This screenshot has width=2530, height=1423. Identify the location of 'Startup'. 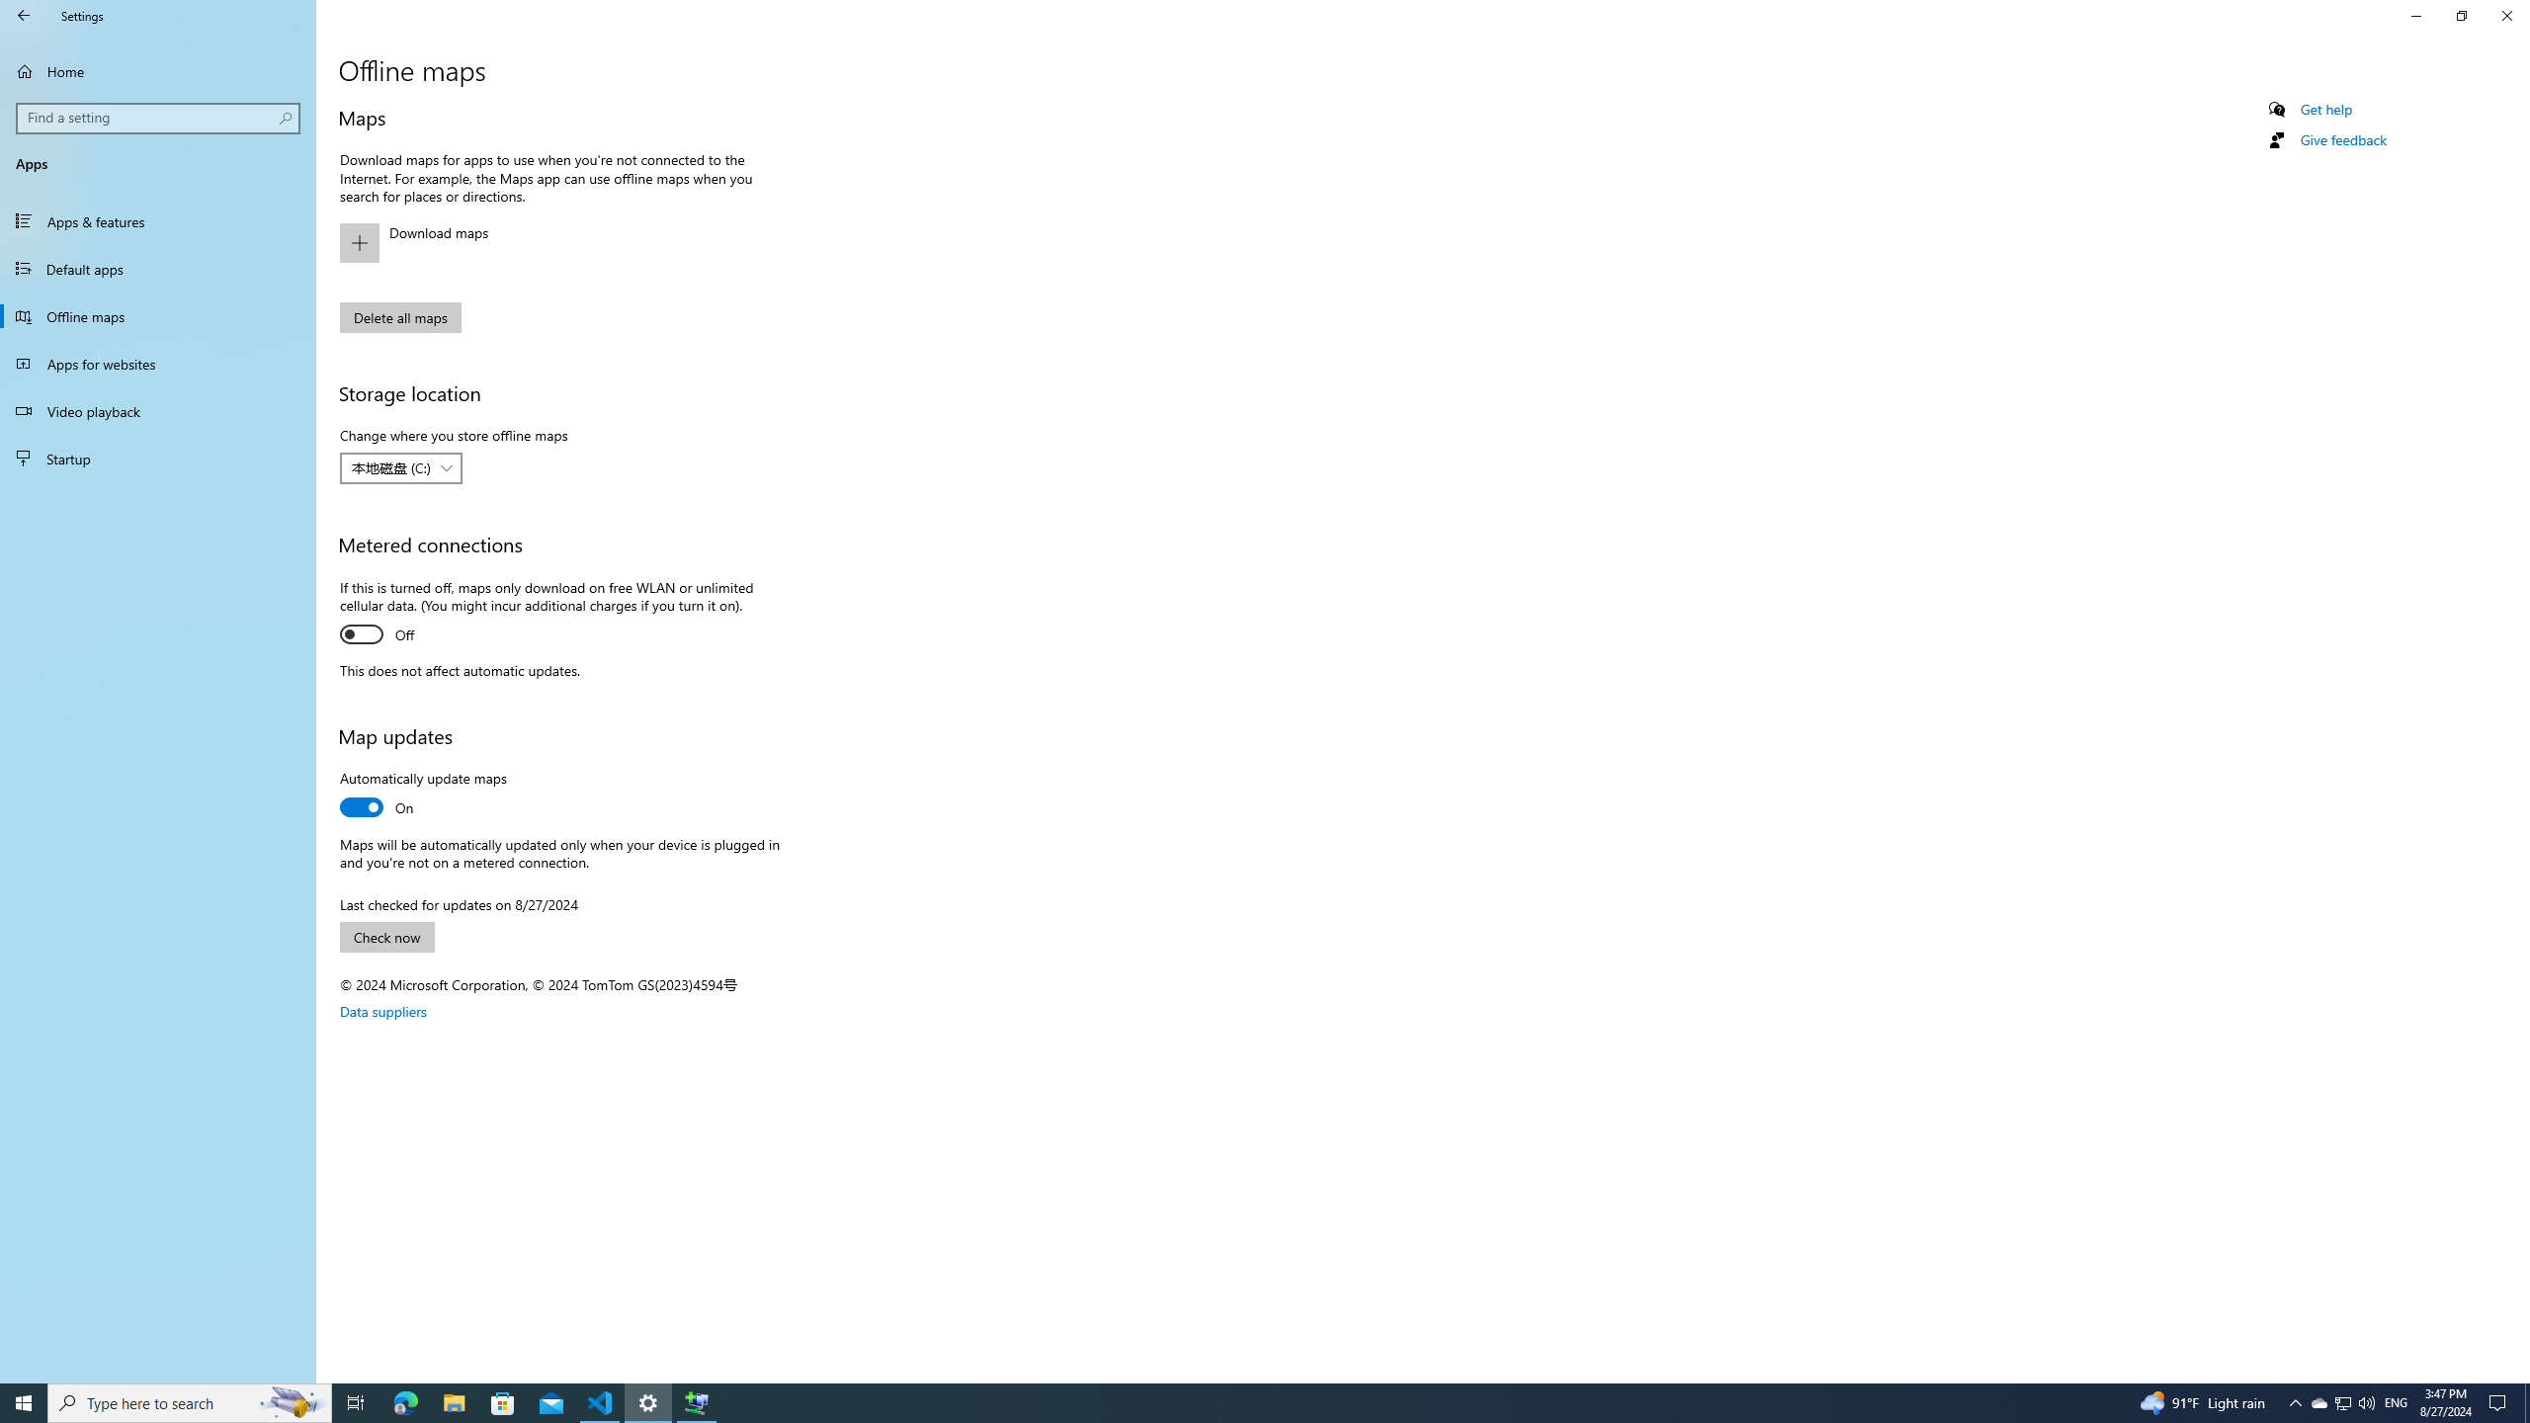
(157, 458).